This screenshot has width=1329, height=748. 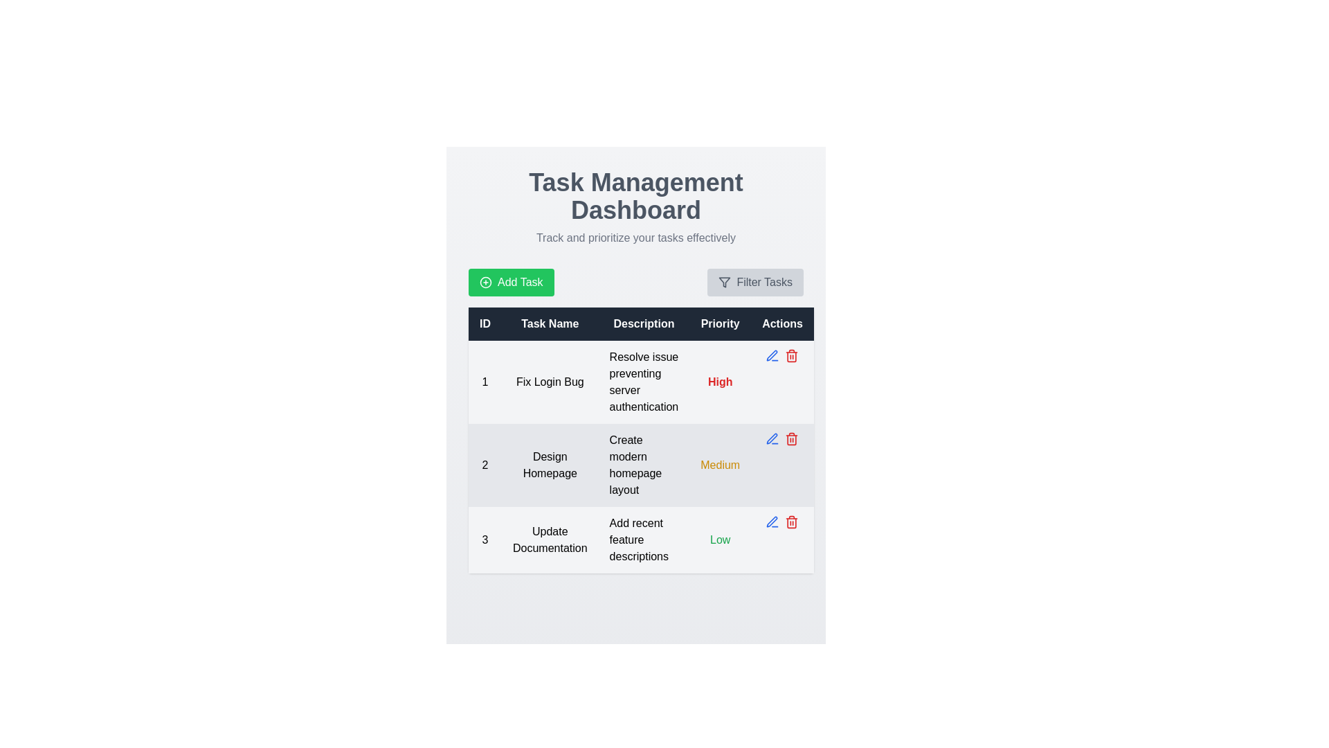 What do you see at coordinates (485, 282) in the screenshot?
I see `the appearance of the Icon indicating the addition action within the 'Add Task' button, located adjacent to the label 'Task Management Dashboard'` at bounding box center [485, 282].